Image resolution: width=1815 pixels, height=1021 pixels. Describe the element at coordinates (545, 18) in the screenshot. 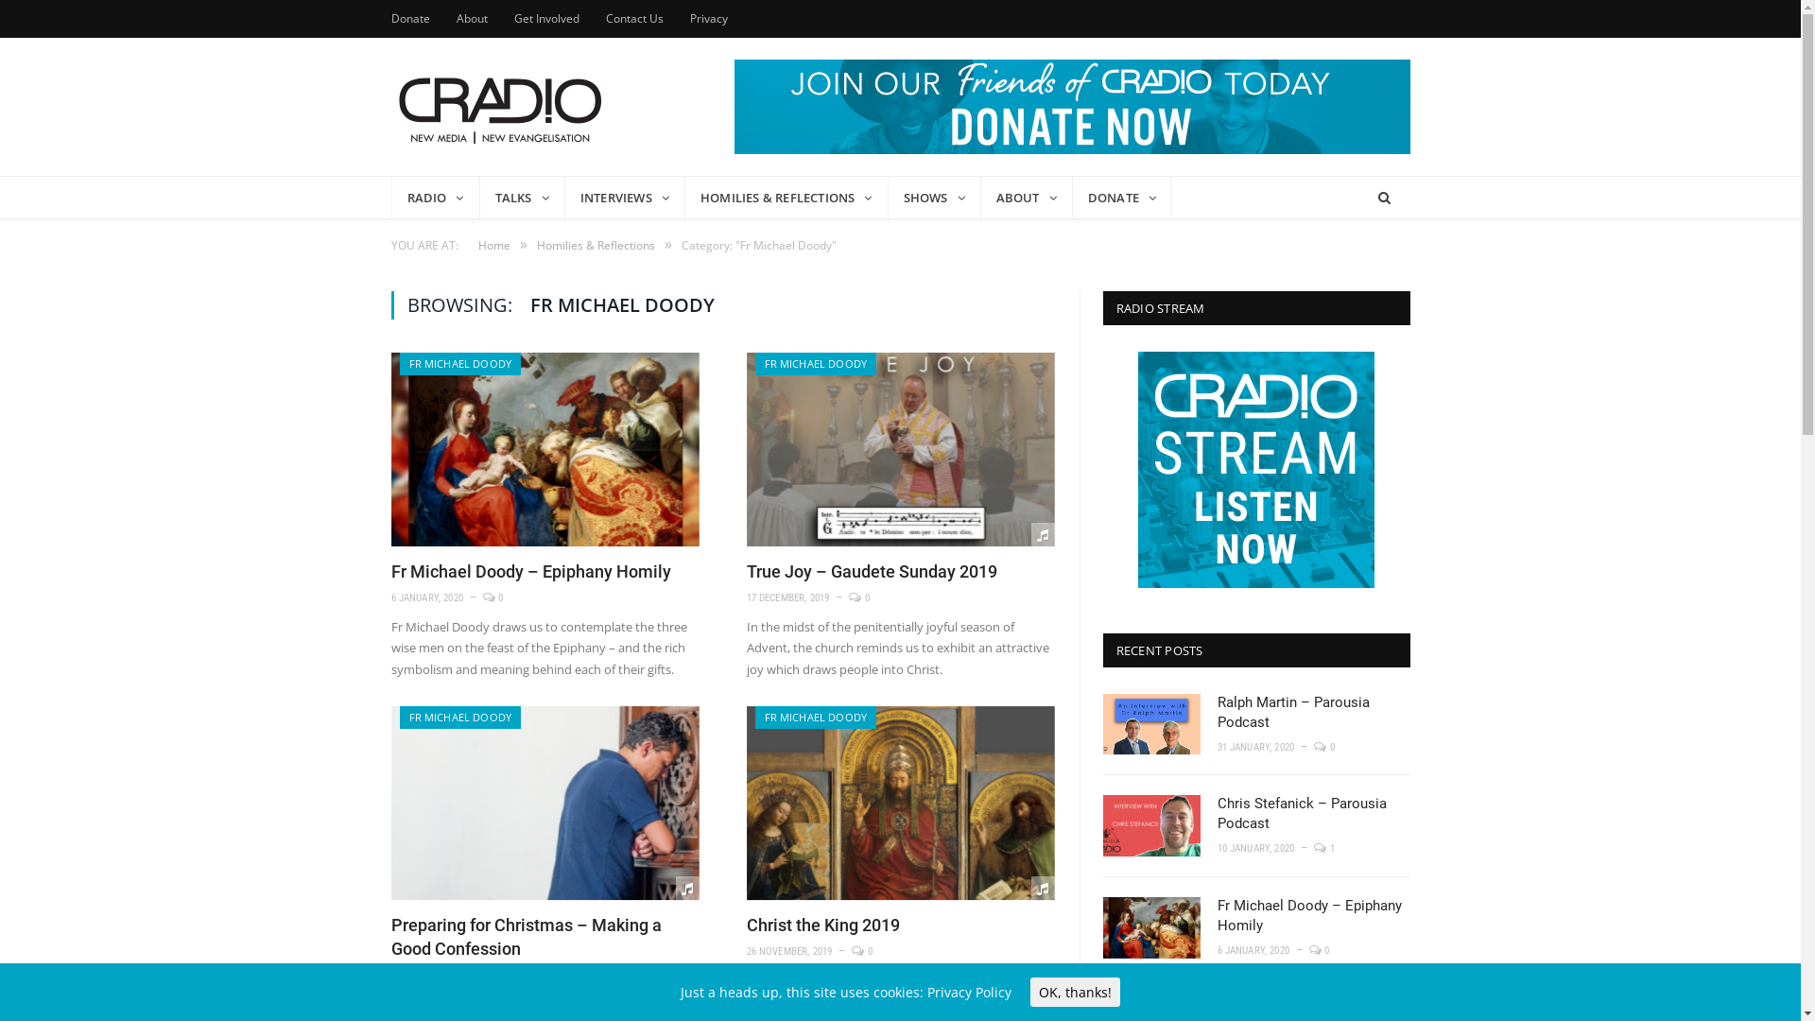

I see `'Get Involved'` at that location.